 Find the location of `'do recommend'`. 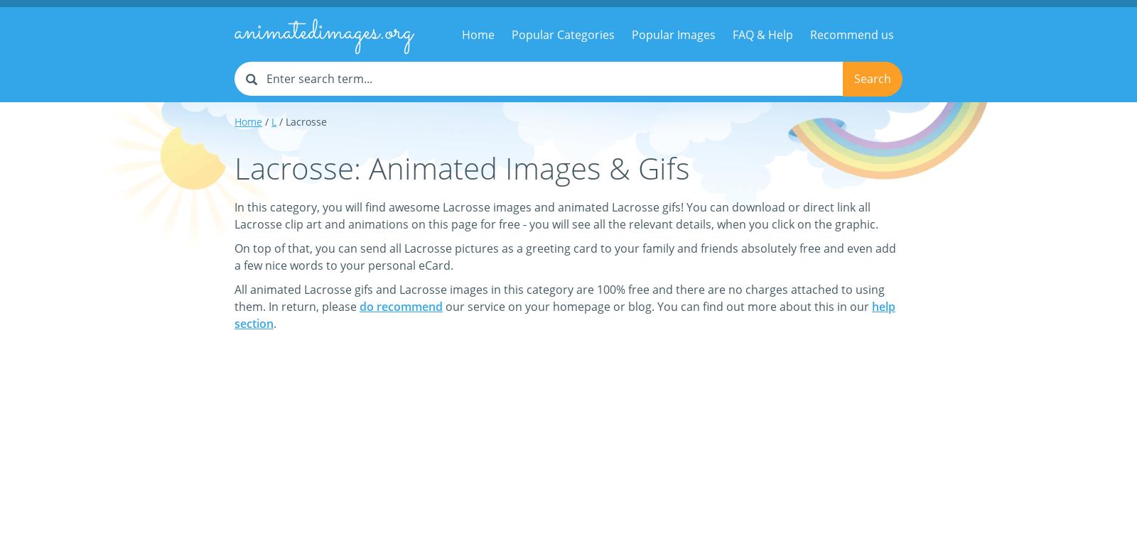

'do recommend' is located at coordinates (358, 305).